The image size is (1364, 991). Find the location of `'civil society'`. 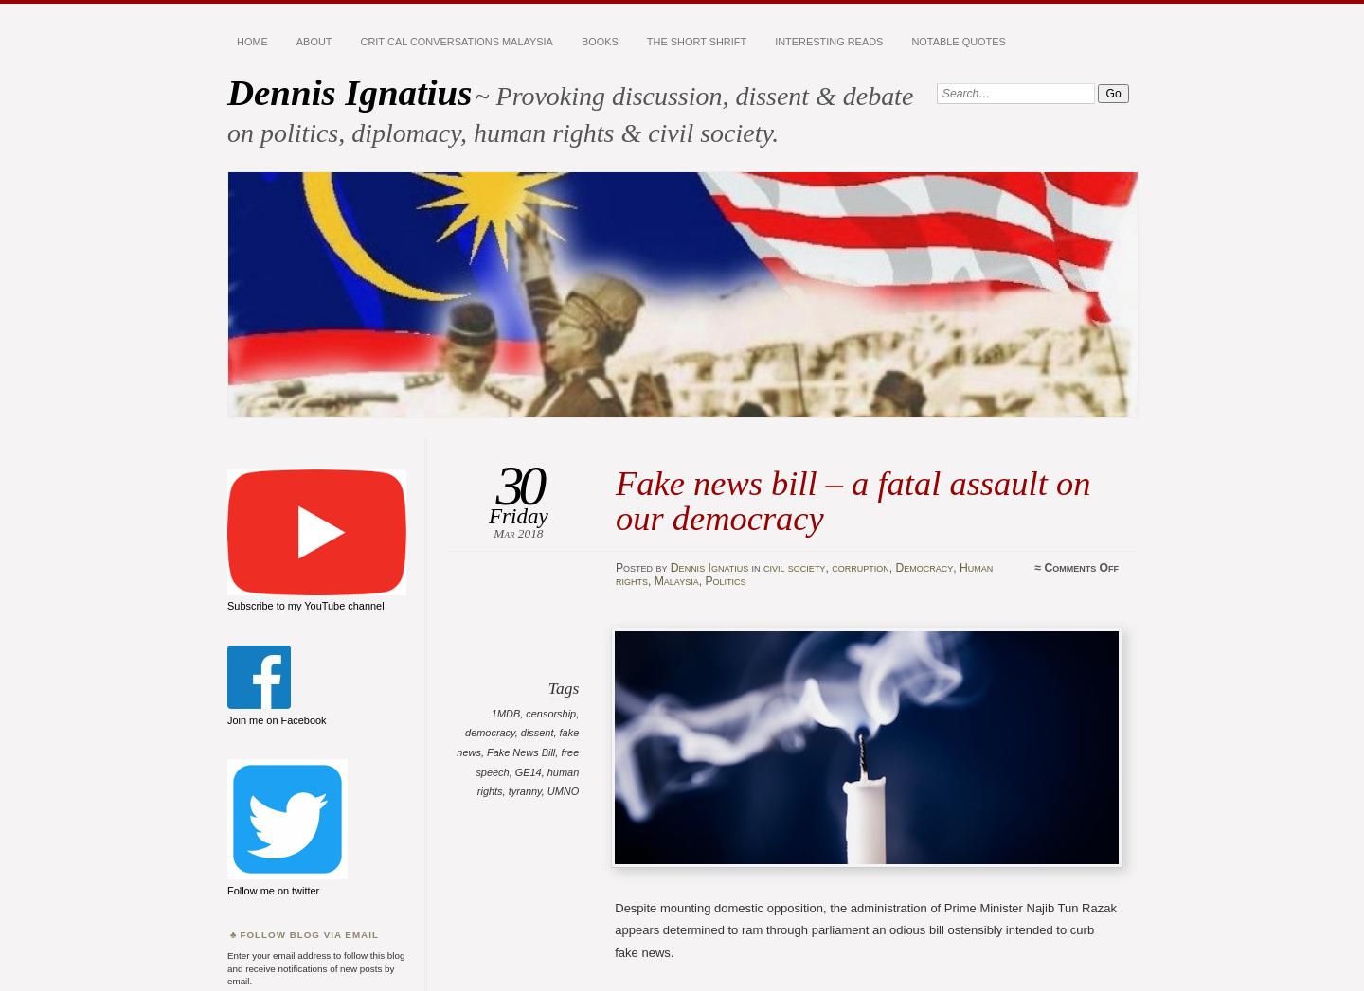

'civil society' is located at coordinates (793, 567).